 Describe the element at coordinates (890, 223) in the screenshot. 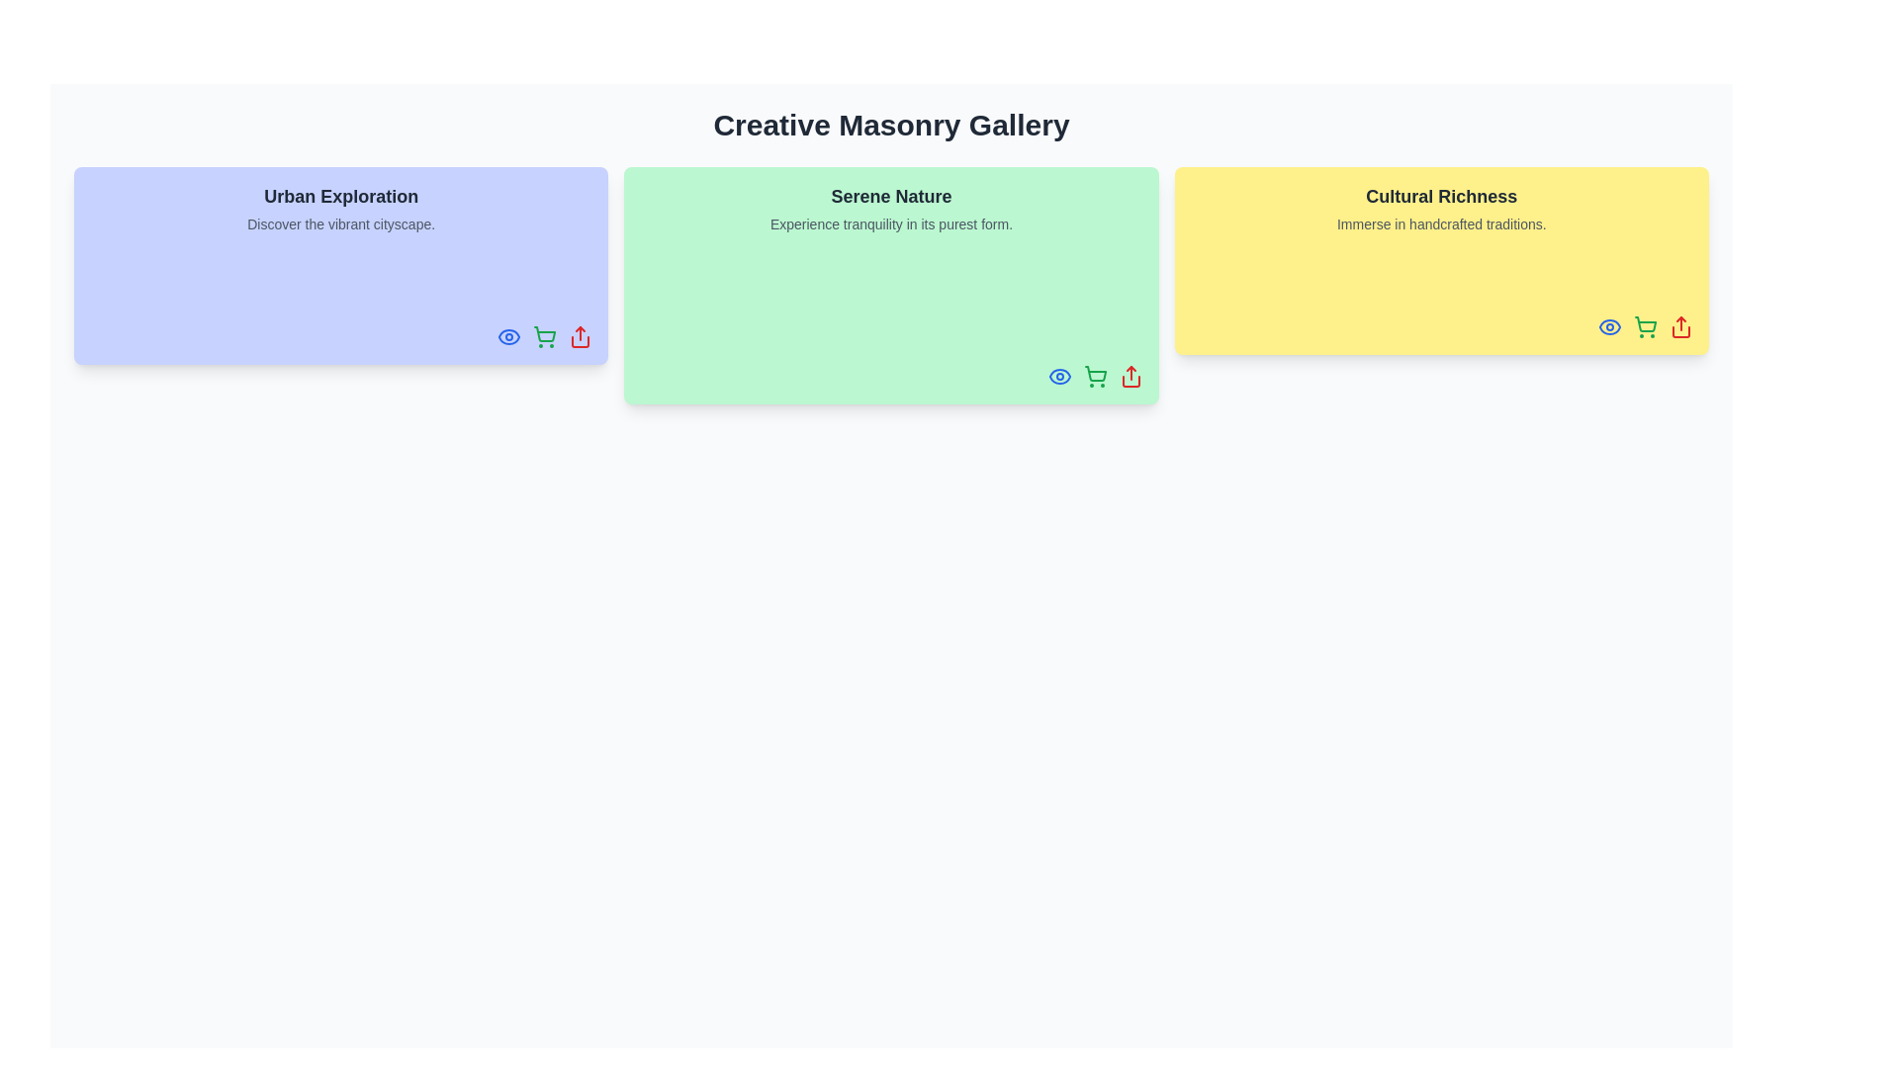

I see `the text label that reads 'Experience tranquility in its purest form.', which is styled in a small gray font and centered beneath the bold text 'Serene Nature'` at that location.